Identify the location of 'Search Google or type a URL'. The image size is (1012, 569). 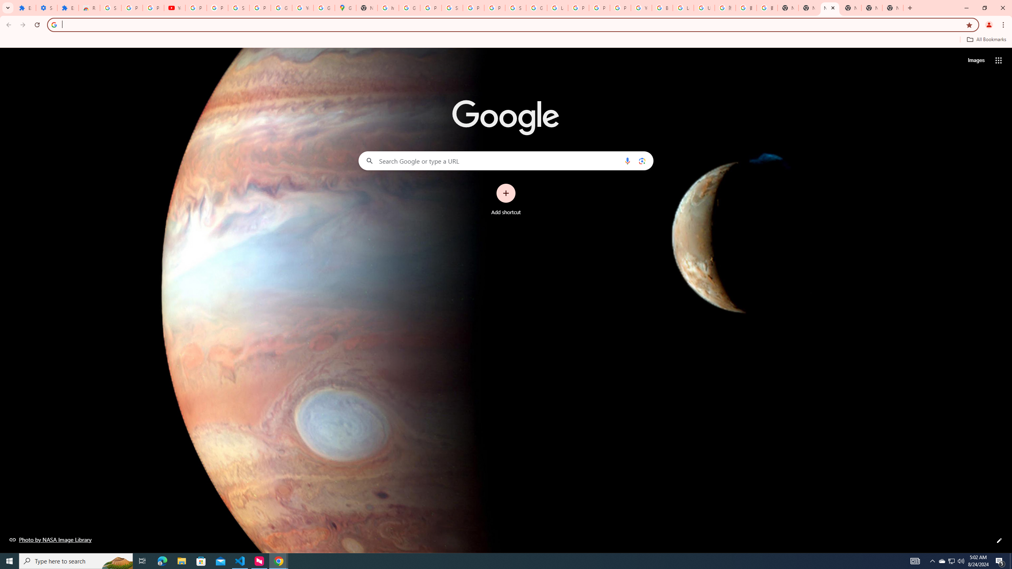
(506, 160).